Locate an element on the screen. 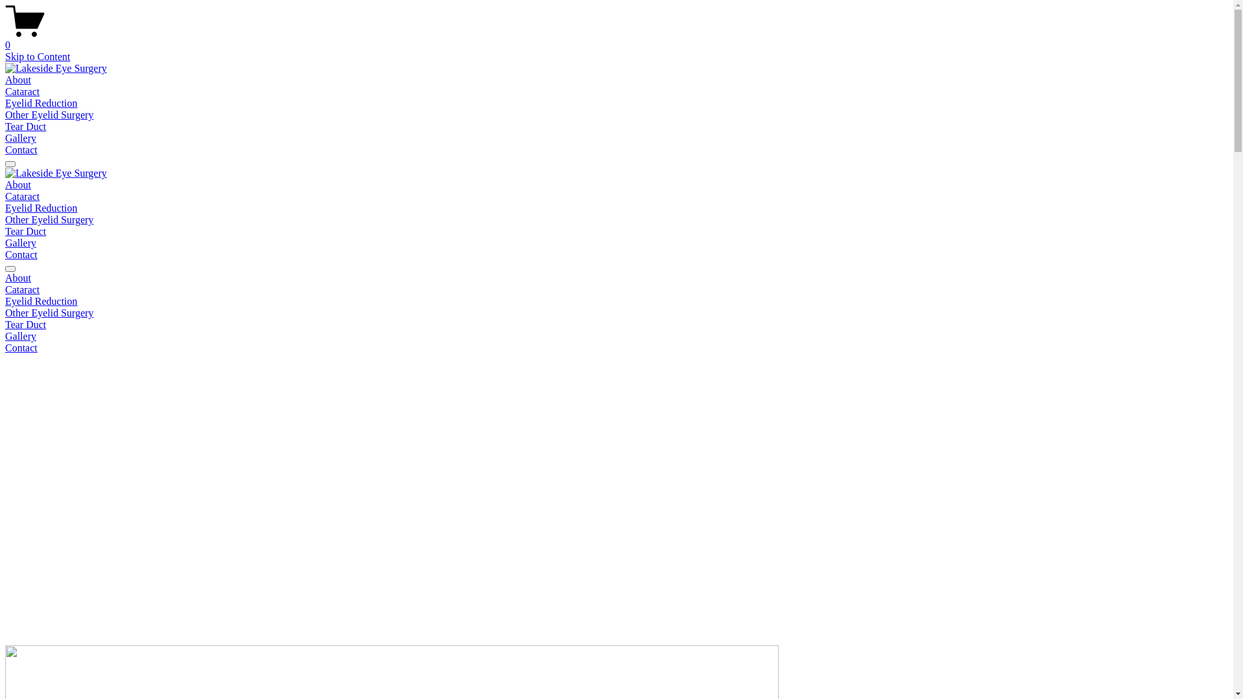 This screenshot has height=699, width=1243. 'Gallery' is located at coordinates (21, 138).